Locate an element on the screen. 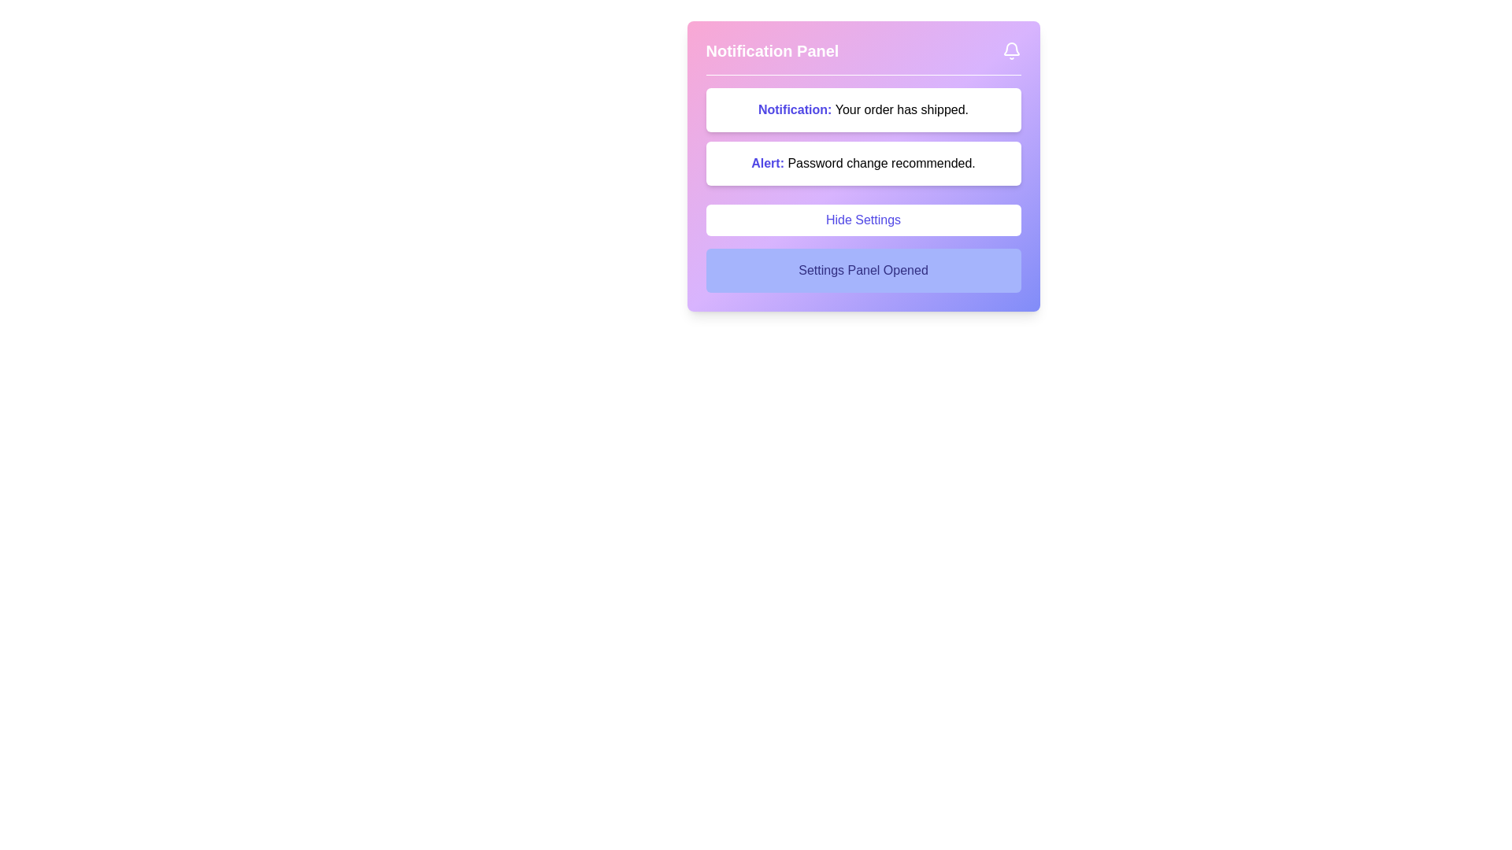 This screenshot has width=1512, height=850. the 'Notification:' text label in the notification panel, which is displayed in bold indigo font and is part of a white rectangular box at the top left of the interface is located at coordinates (796, 109).